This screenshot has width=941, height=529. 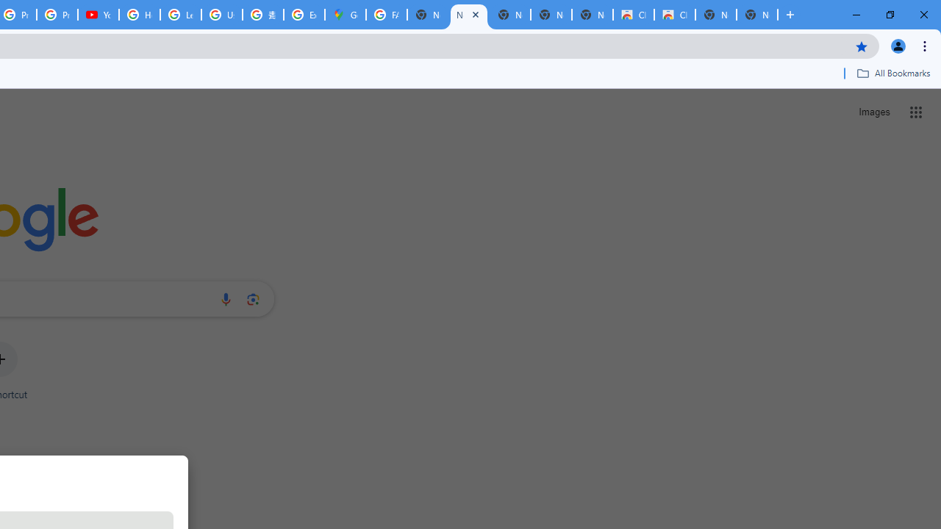 I want to click on 'Classic Blue - Chrome Web Store', so click(x=634, y=15).